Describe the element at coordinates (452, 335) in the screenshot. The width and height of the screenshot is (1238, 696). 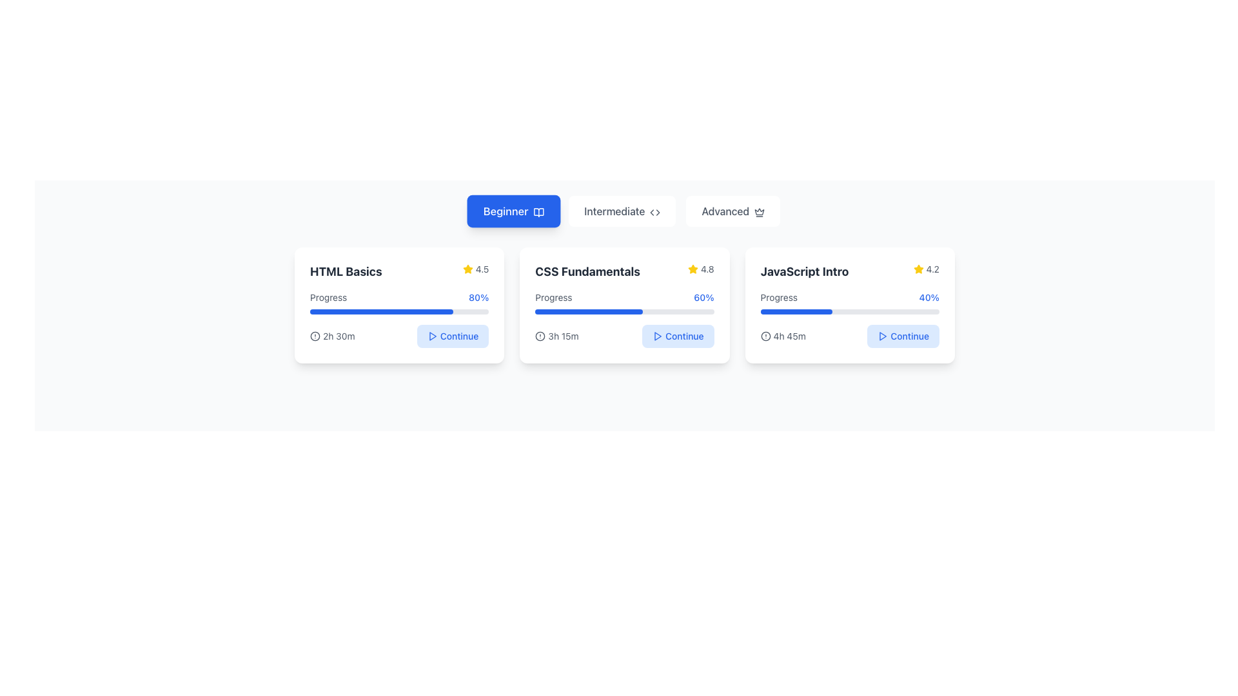
I see `the 'Continue' button with a blue rounded background that contains a play icon and the text 'Continue', located` at that location.